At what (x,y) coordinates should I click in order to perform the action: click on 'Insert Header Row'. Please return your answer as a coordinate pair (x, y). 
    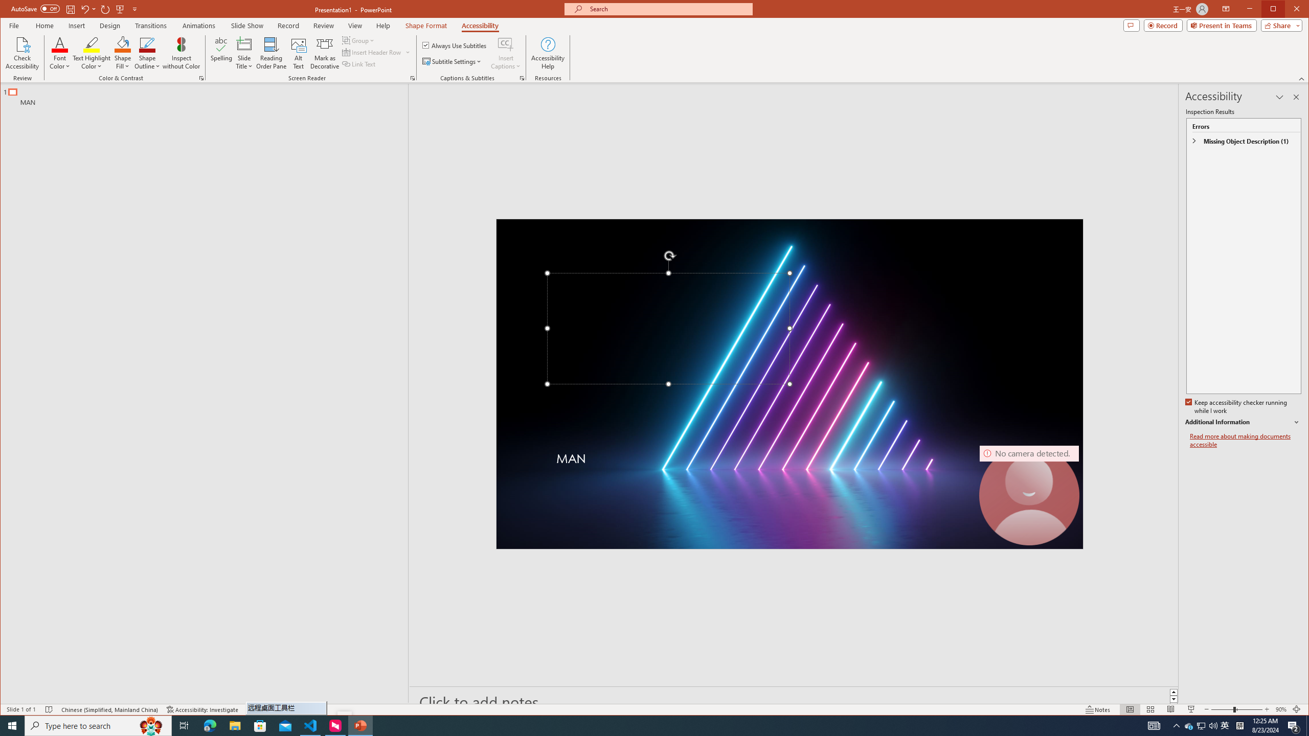
    Looking at the image, I should click on (376, 52).